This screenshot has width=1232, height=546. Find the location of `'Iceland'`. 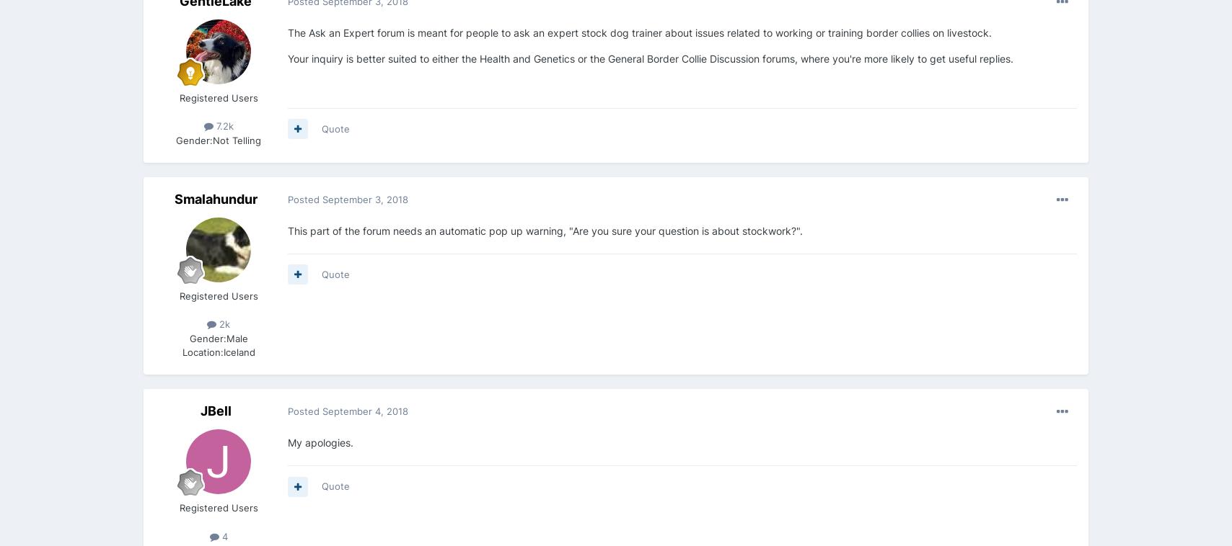

'Iceland' is located at coordinates (222, 351).